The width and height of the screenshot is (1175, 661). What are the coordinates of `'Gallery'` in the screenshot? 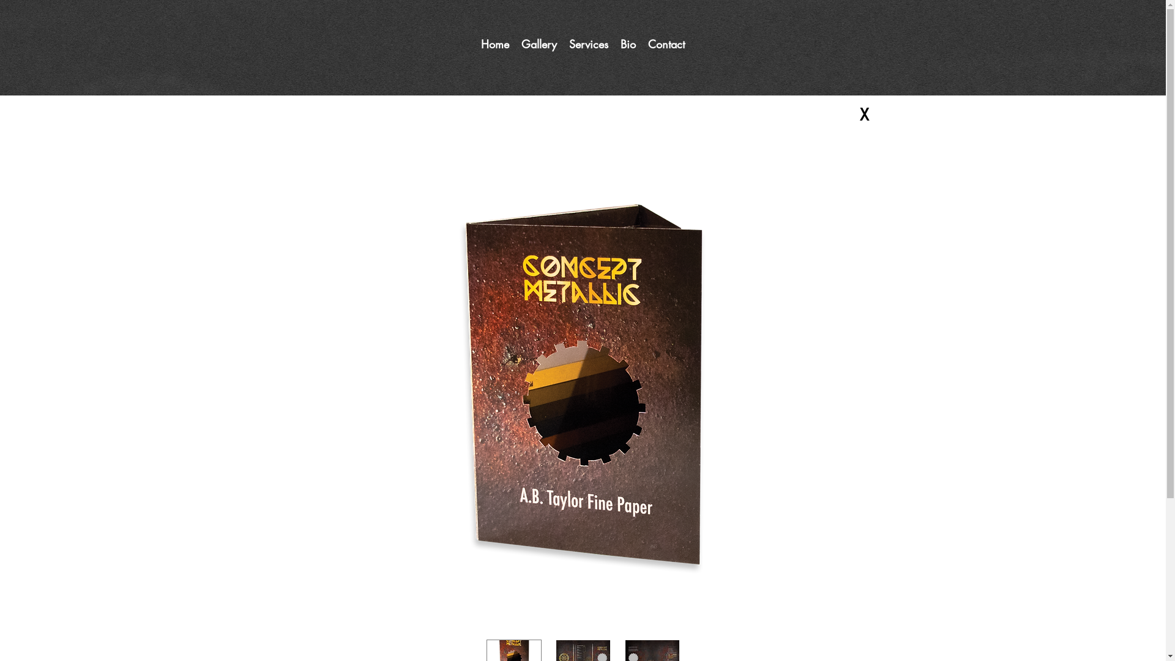 It's located at (539, 43).